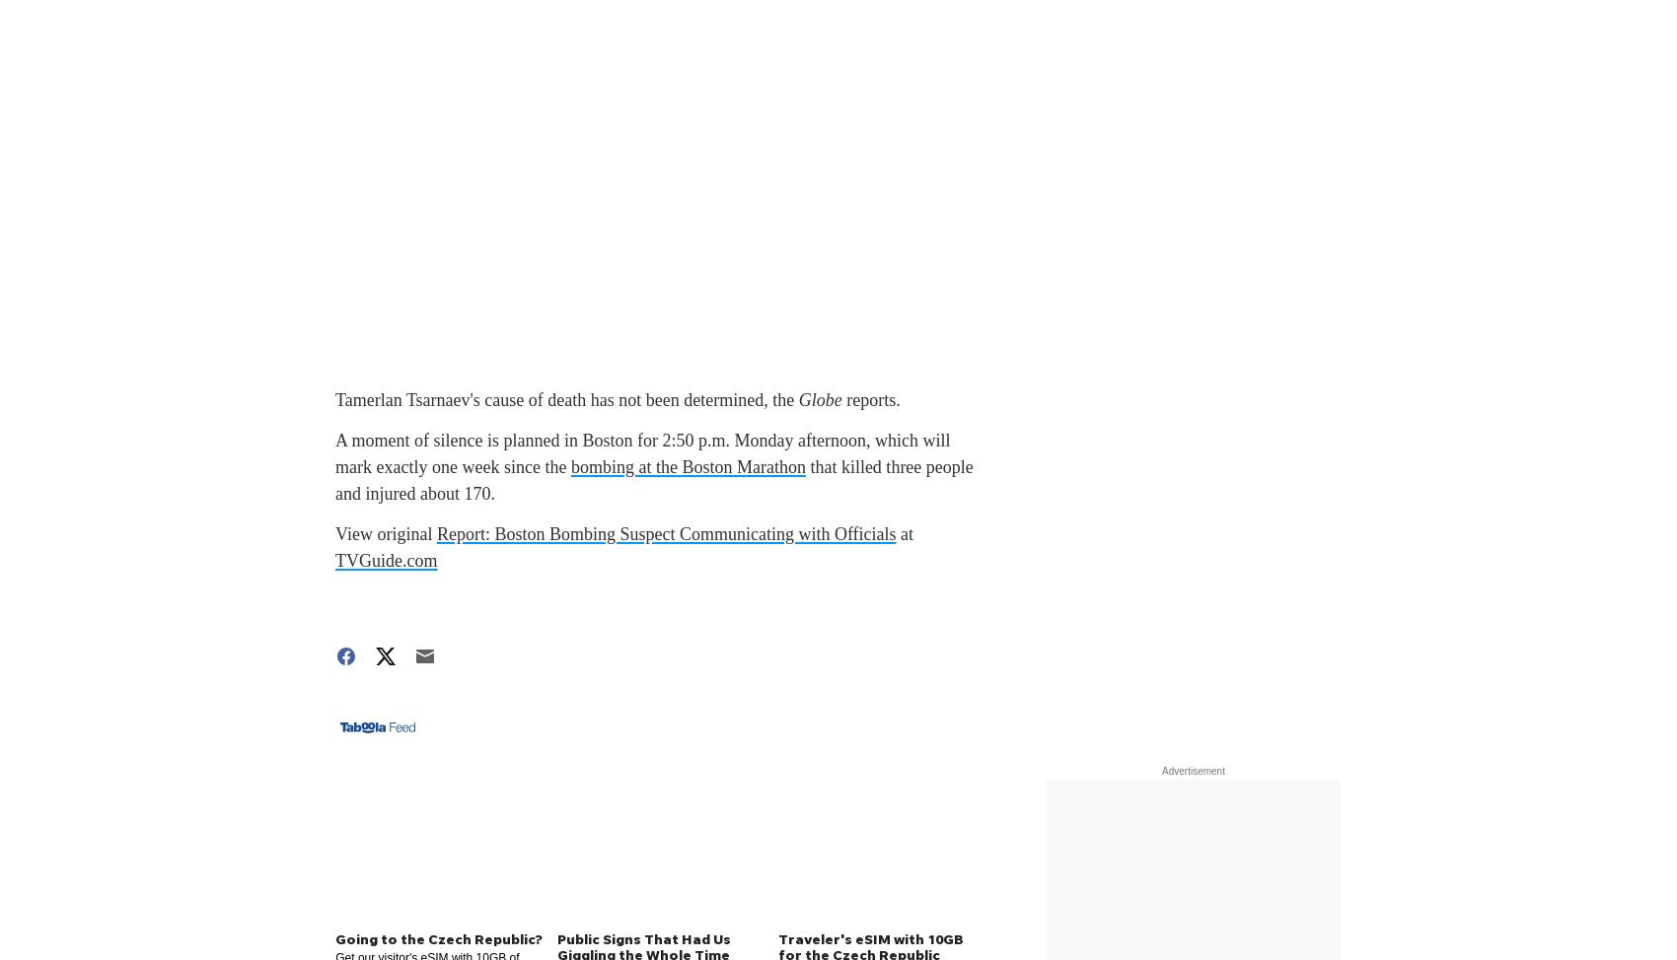 Image resolution: width=1677 pixels, height=960 pixels. What do you see at coordinates (818, 399) in the screenshot?
I see `'Globe'` at bounding box center [818, 399].